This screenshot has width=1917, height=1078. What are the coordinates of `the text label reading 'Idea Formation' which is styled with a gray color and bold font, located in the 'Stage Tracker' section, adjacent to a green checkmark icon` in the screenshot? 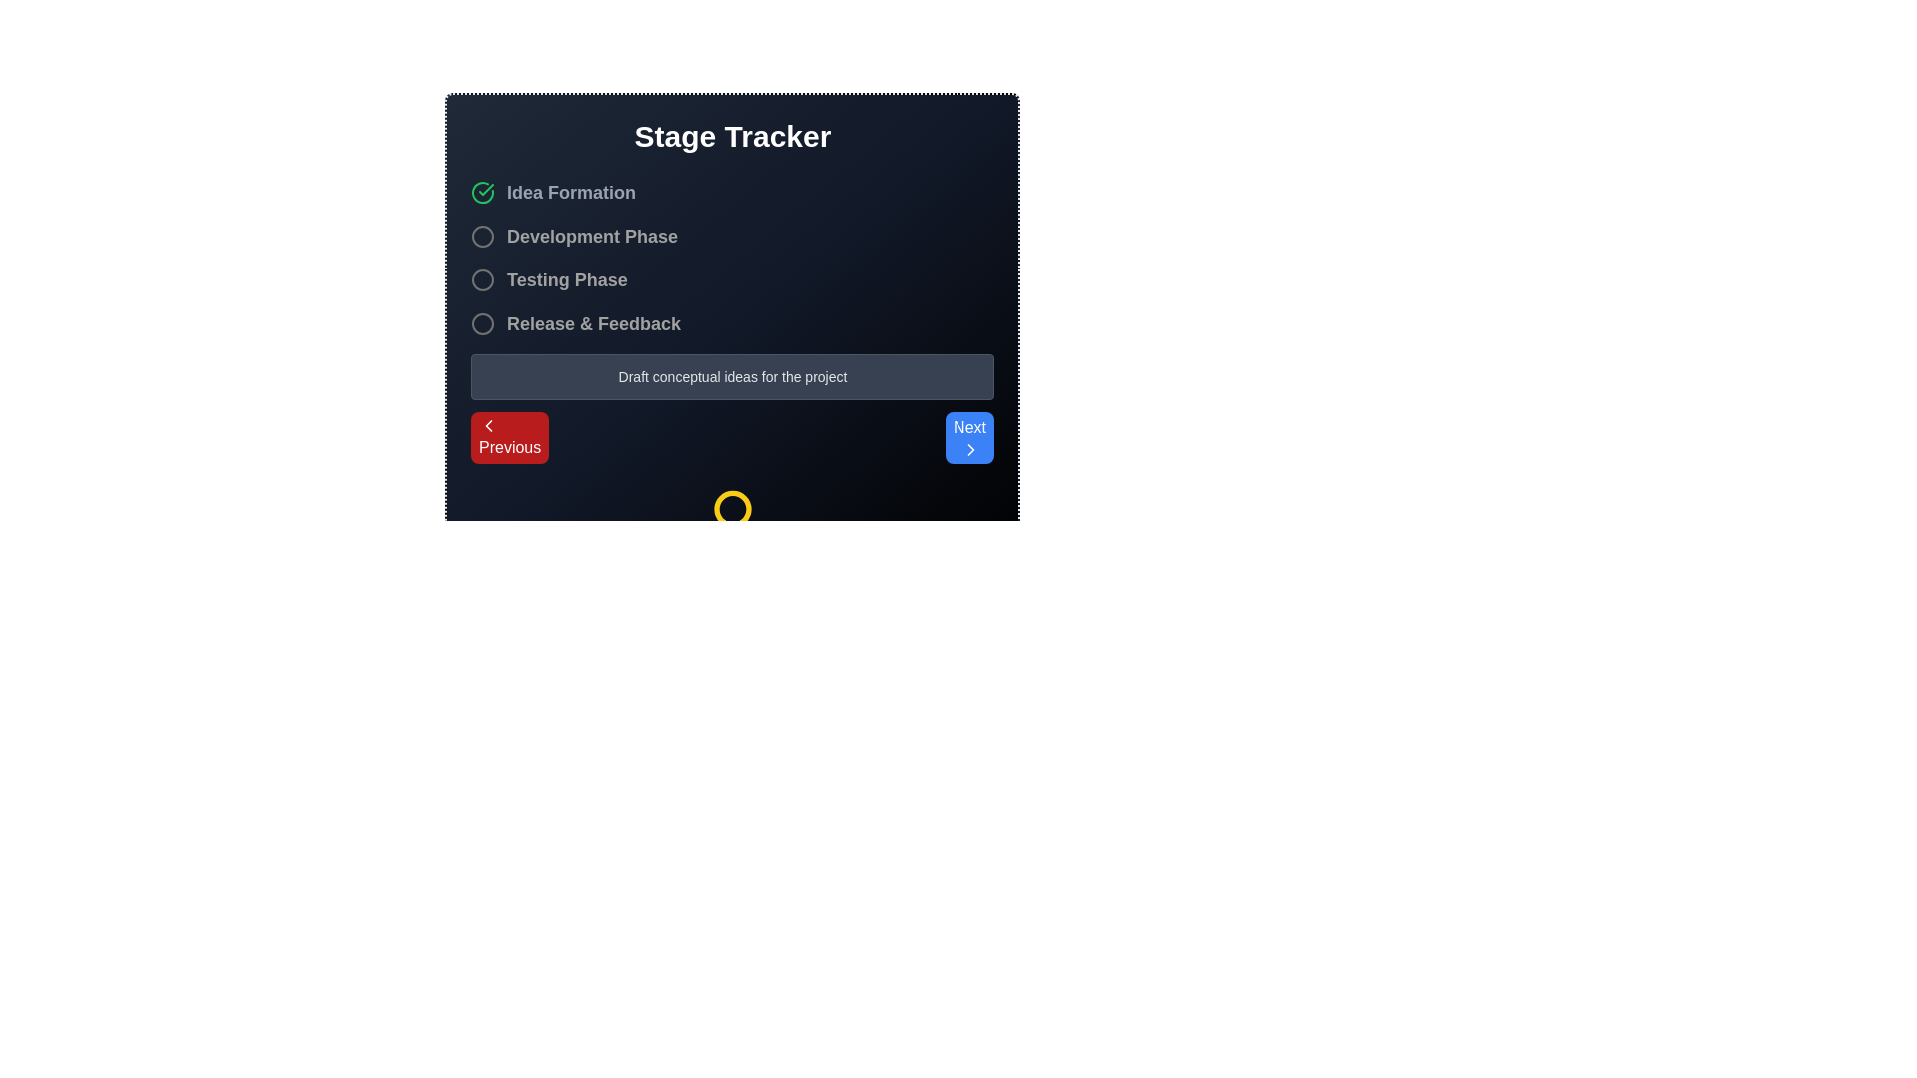 It's located at (570, 192).